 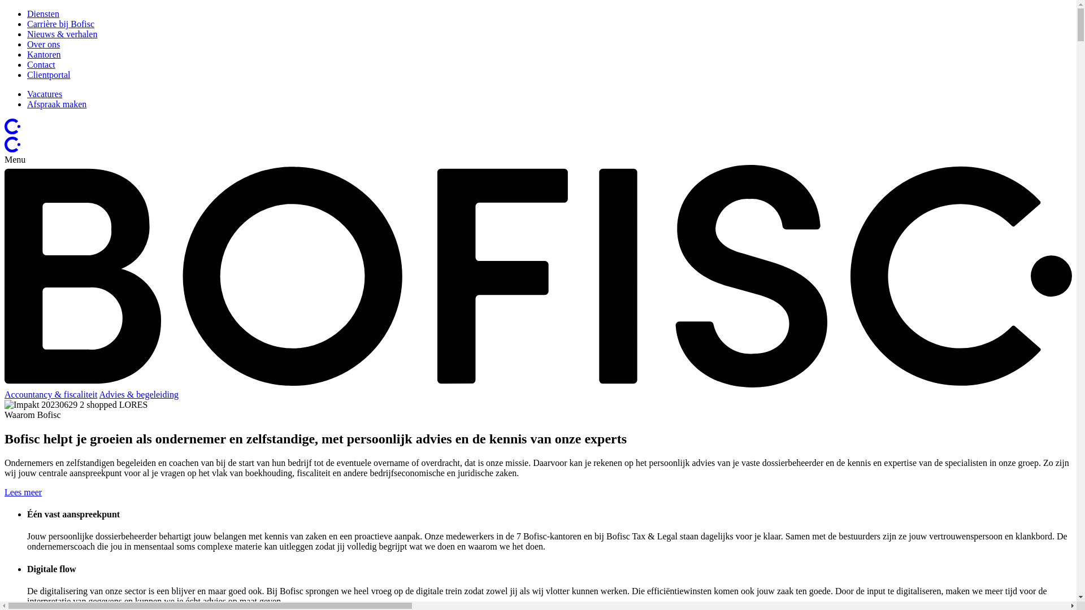 I want to click on 'Clientportal', so click(x=48, y=75).